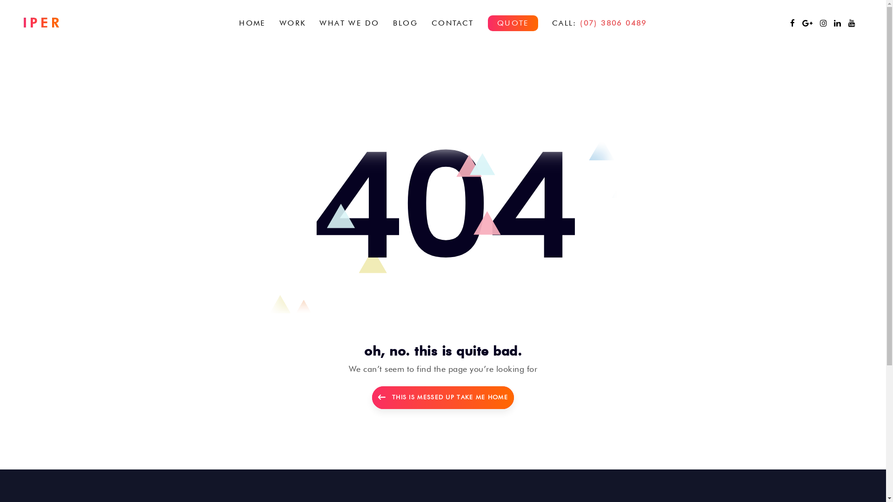  I want to click on 'QUOTE', so click(513, 22).